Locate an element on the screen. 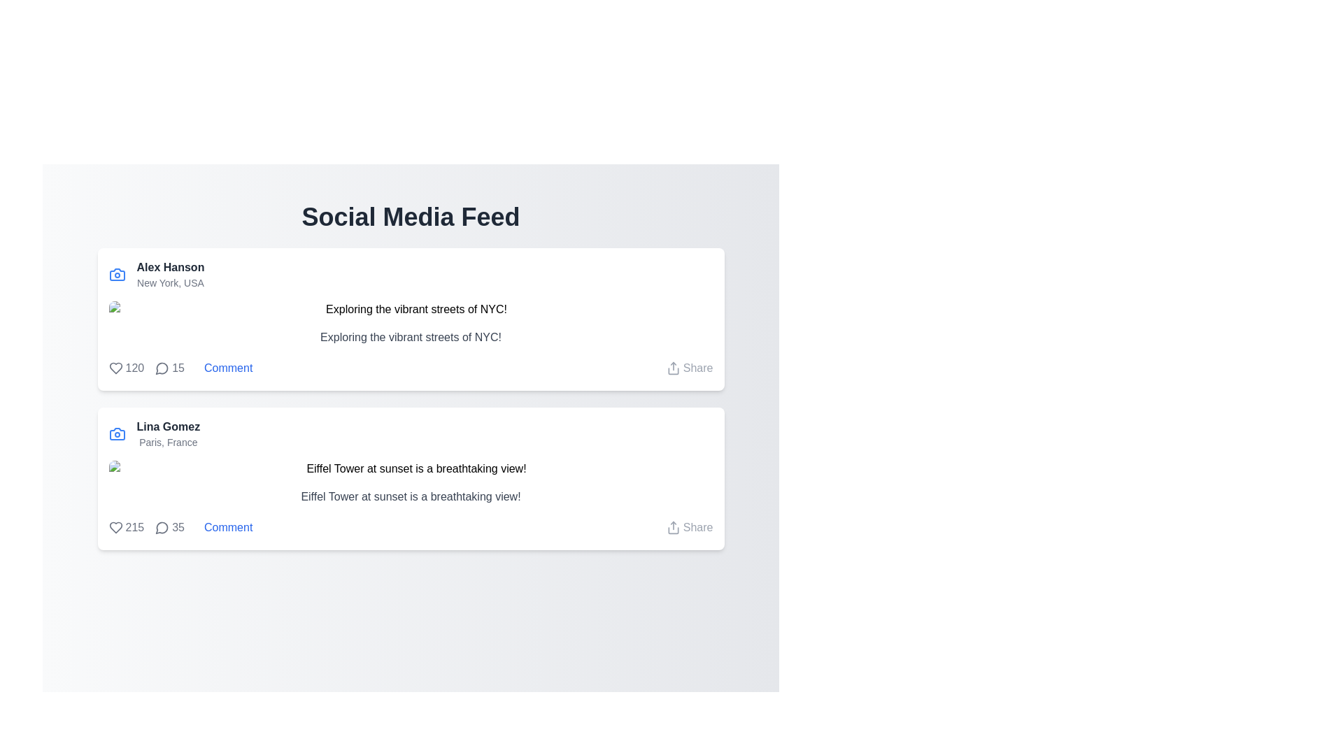  the text label displaying 'Paris, France.' located below the name 'Lina Gomez' in the social media post card is located at coordinates (168, 442).